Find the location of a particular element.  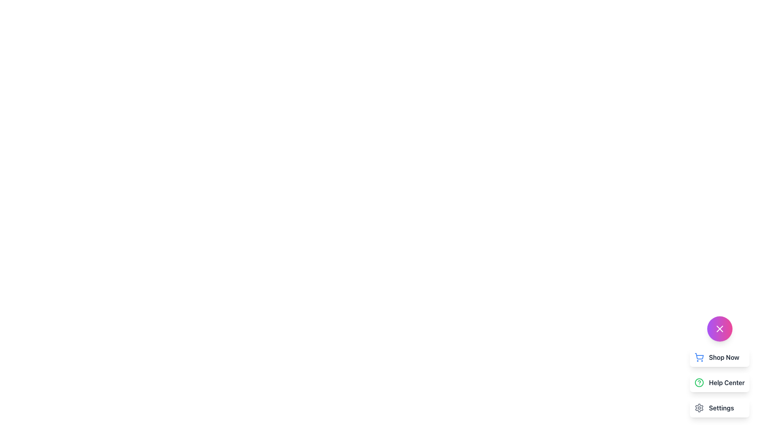

the 'Help Center' static text label, which indicates a link or button for assistance, located in the middle right of the interface is located at coordinates (727, 382).